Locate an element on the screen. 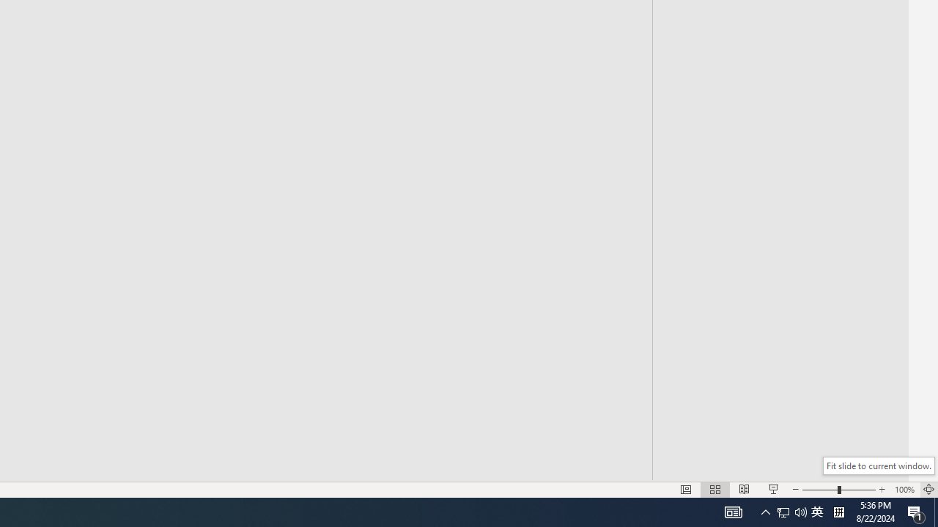  'Fit slide to current window.' is located at coordinates (879, 466).